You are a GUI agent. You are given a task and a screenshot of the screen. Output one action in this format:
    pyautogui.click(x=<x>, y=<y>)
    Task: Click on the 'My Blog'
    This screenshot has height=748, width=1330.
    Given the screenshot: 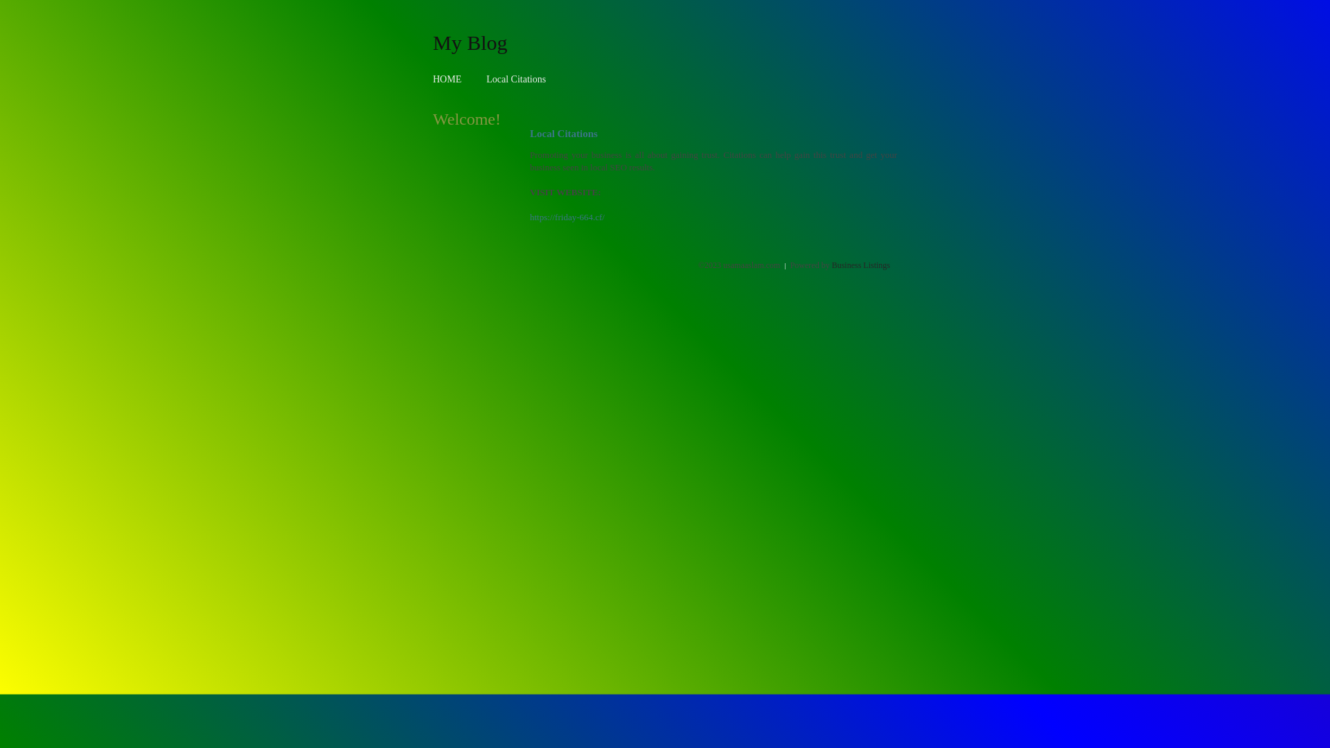 What is the action you would take?
    pyautogui.click(x=470, y=42)
    